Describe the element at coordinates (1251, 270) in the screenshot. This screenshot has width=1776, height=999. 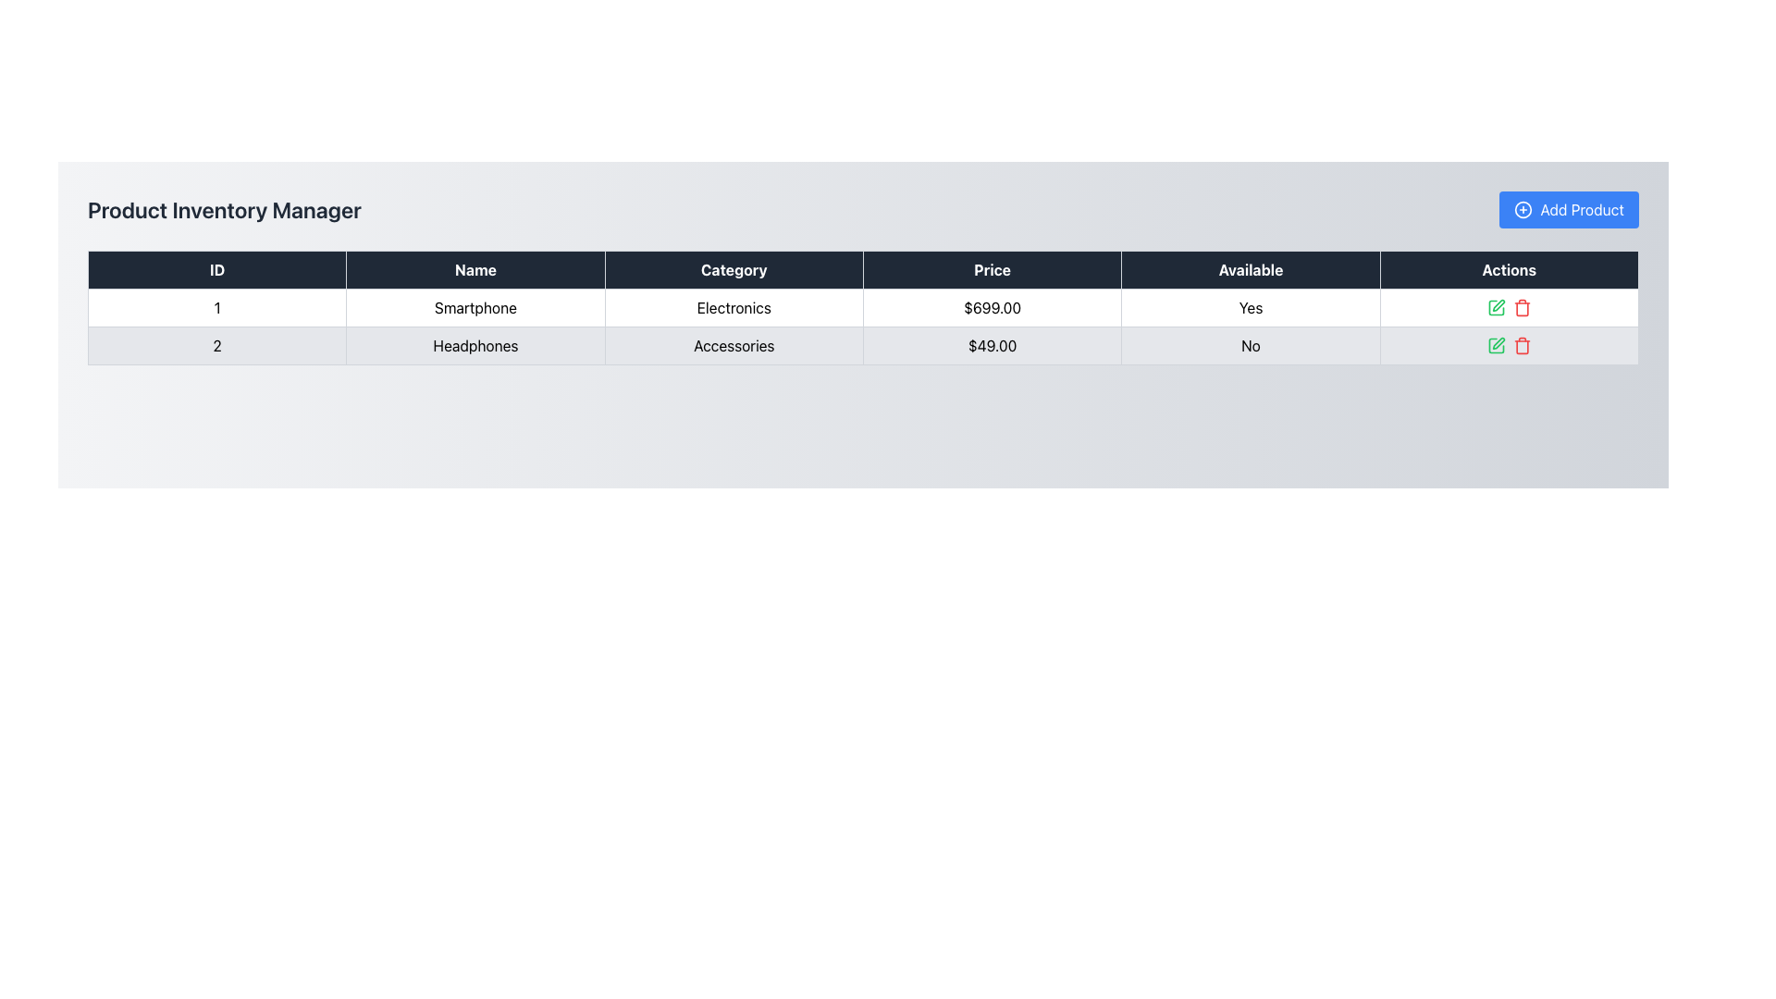
I see `text from the Table Header Cell labeled 'Available', which is the fifth column in the header row of the table` at that location.